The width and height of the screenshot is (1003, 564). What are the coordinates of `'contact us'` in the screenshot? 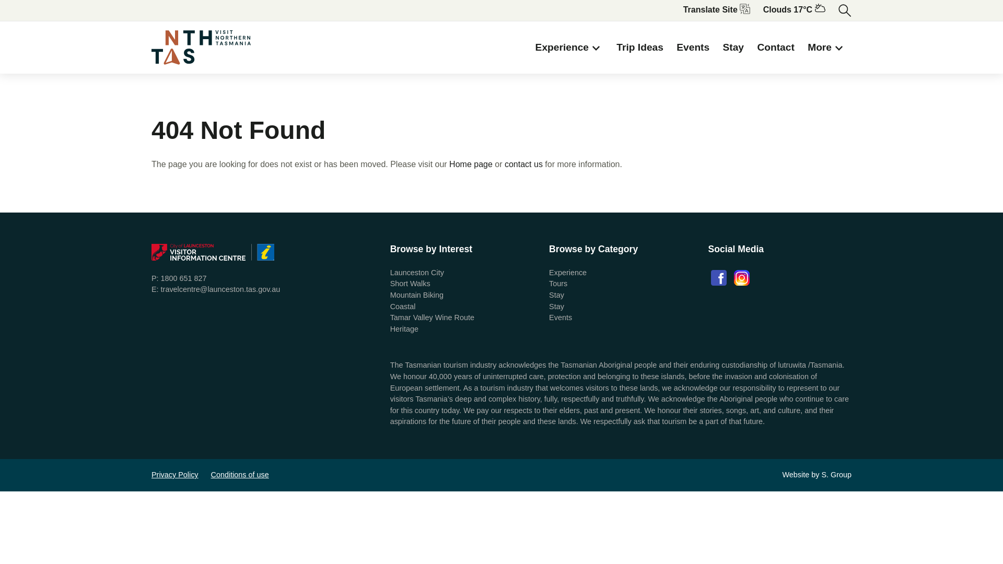 It's located at (504, 164).